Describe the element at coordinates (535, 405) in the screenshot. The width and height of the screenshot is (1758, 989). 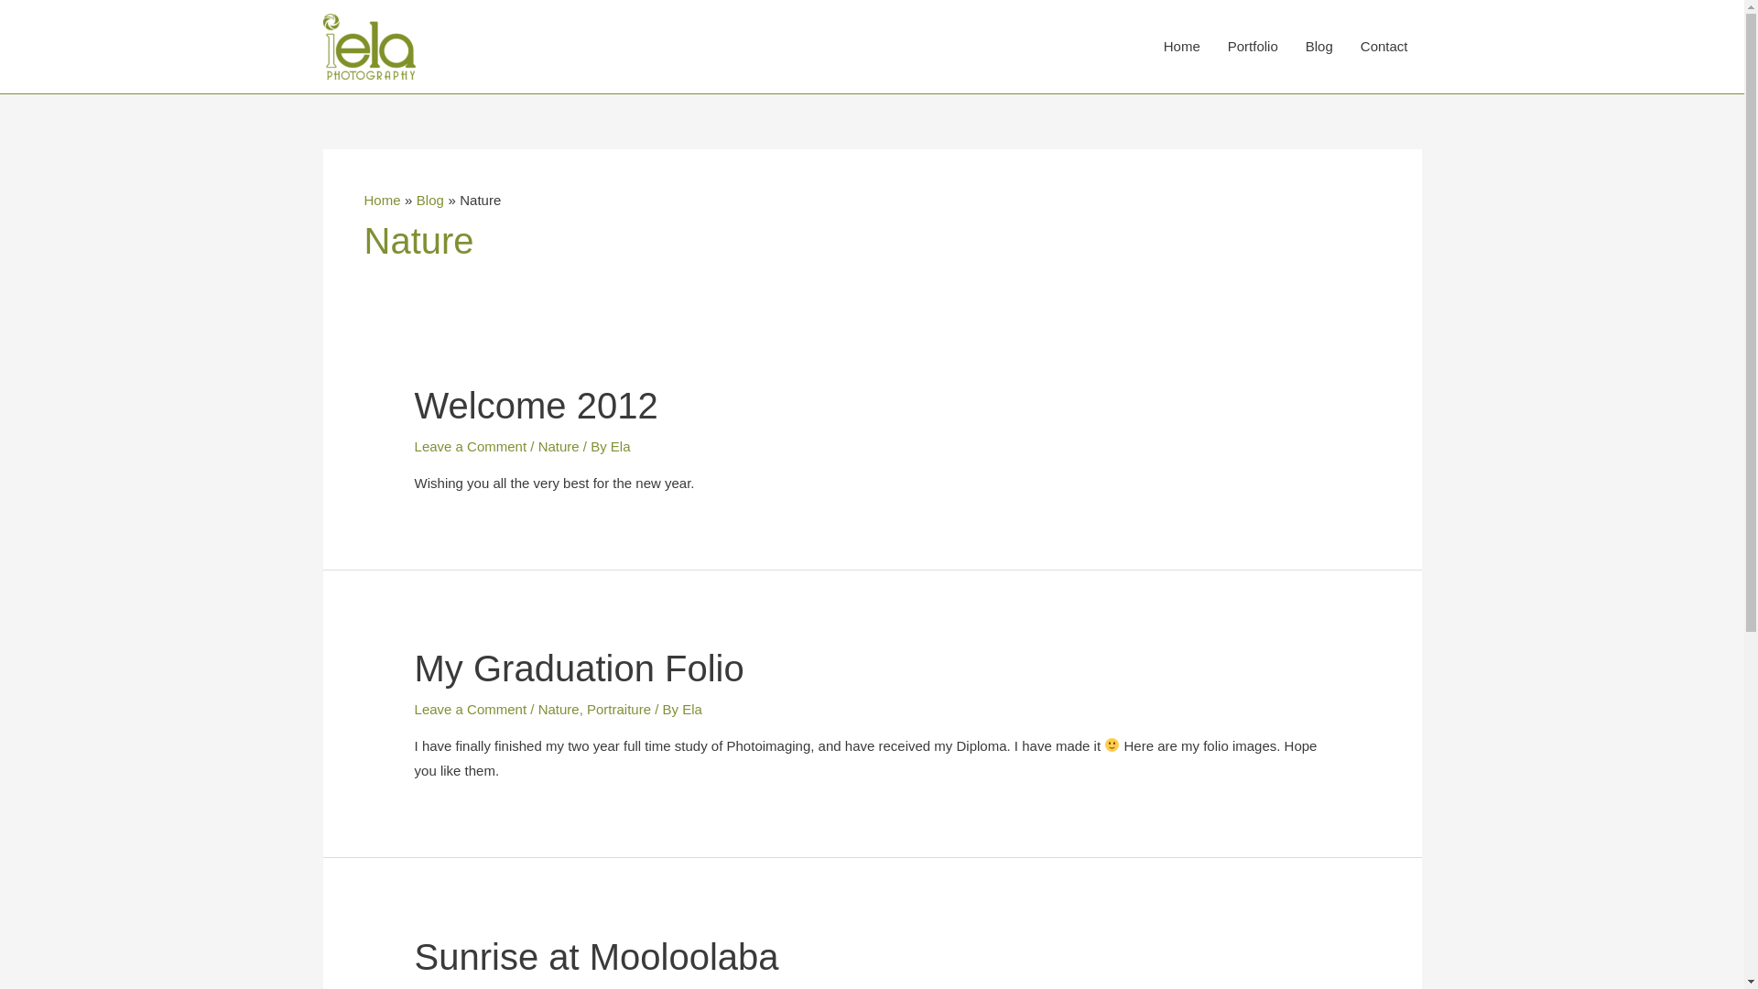
I see `'Welcome 2012'` at that location.